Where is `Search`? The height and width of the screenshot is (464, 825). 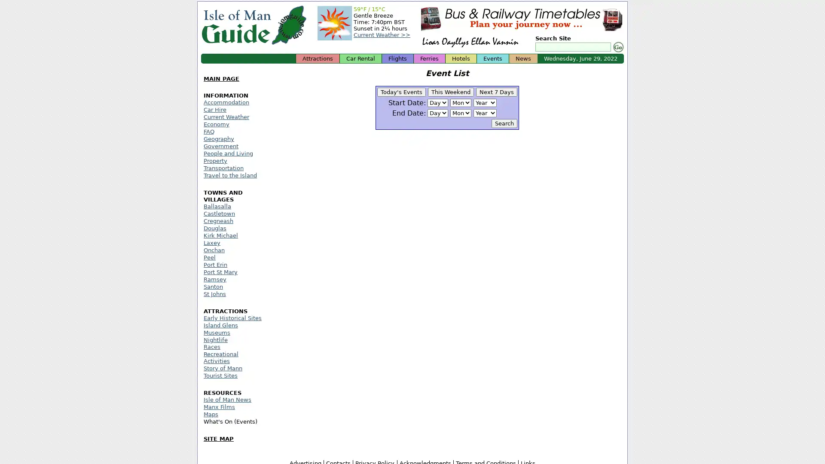 Search is located at coordinates (617, 47).